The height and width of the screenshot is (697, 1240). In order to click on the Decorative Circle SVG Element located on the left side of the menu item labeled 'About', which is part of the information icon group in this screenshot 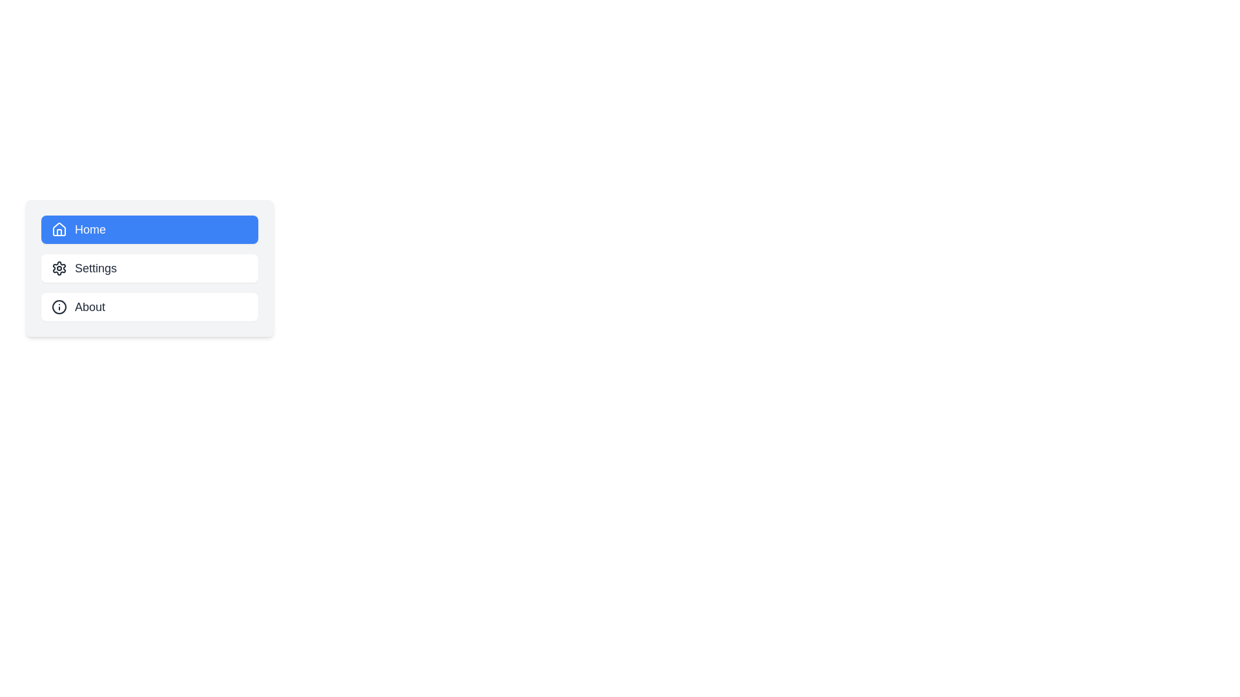, I will do `click(58, 307)`.